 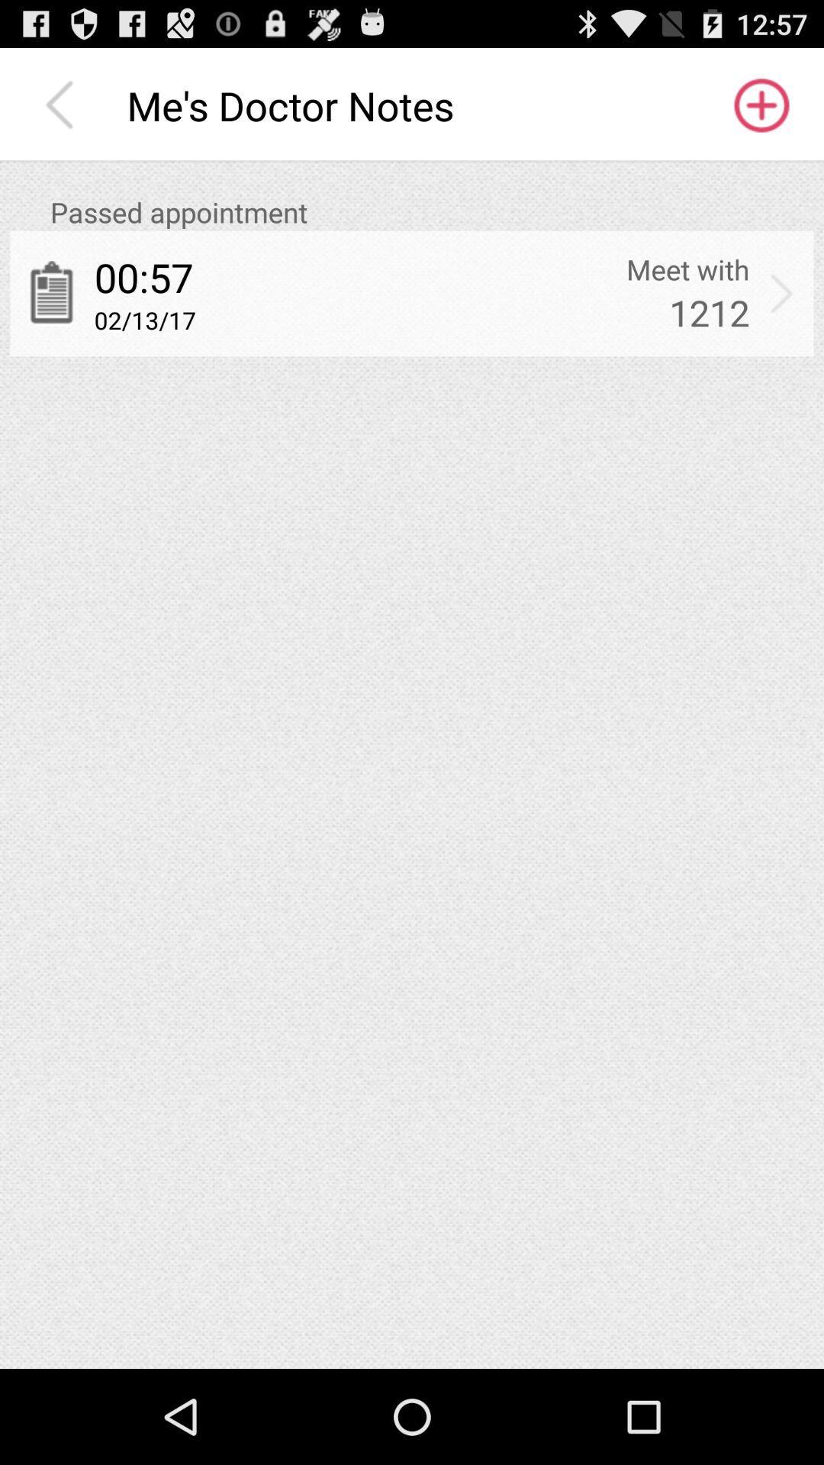 I want to click on passed appointment icon, so click(x=432, y=211).